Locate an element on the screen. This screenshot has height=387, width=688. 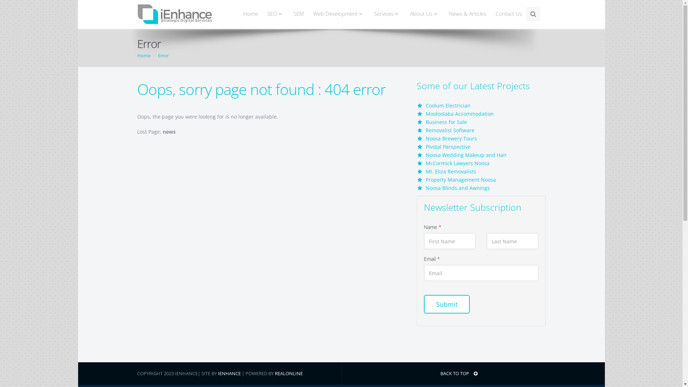
'Home' is located at coordinates (250, 14).